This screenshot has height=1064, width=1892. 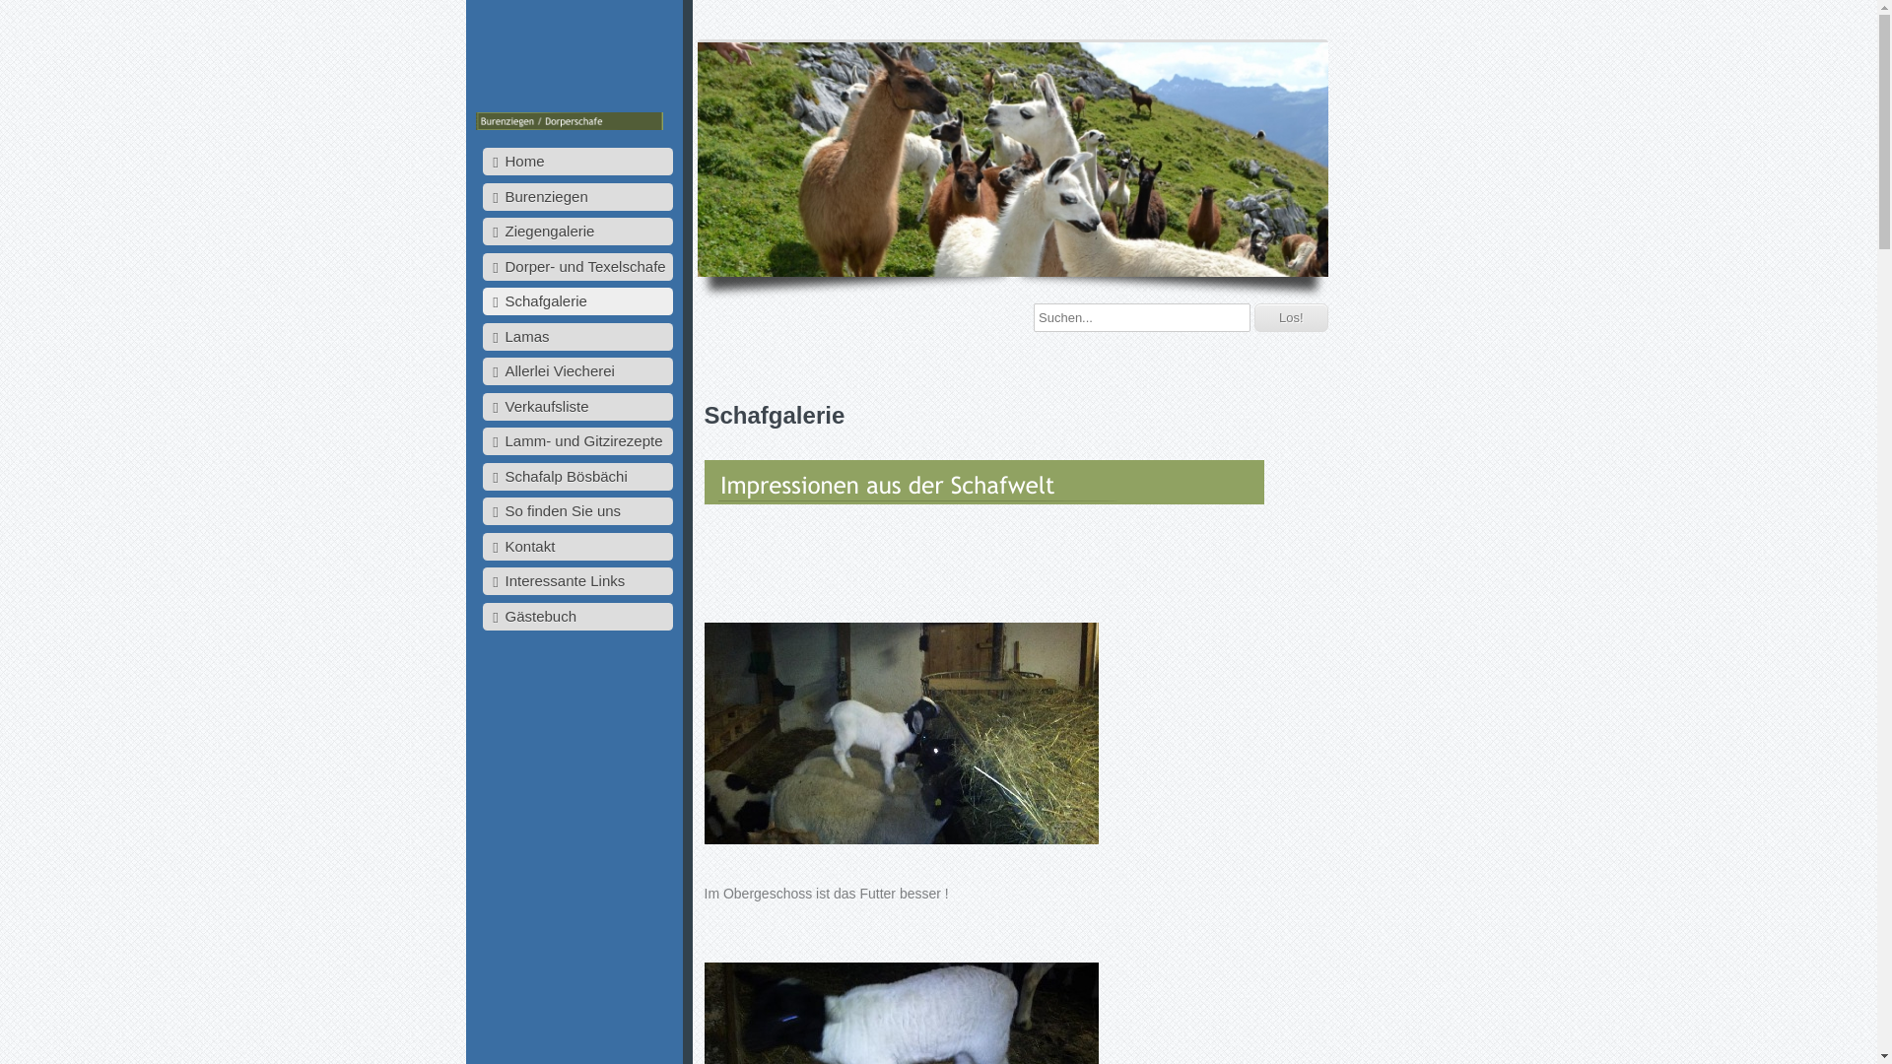 What do you see at coordinates (482, 510) in the screenshot?
I see `'So finden Sie uns'` at bounding box center [482, 510].